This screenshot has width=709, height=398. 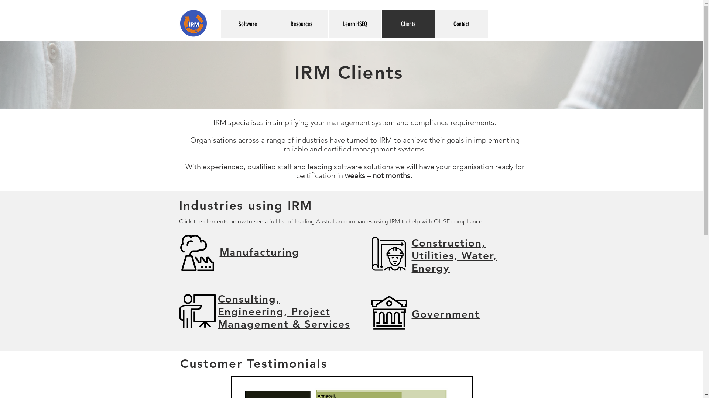 I want to click on 'Software', so click(x=247, y=24).